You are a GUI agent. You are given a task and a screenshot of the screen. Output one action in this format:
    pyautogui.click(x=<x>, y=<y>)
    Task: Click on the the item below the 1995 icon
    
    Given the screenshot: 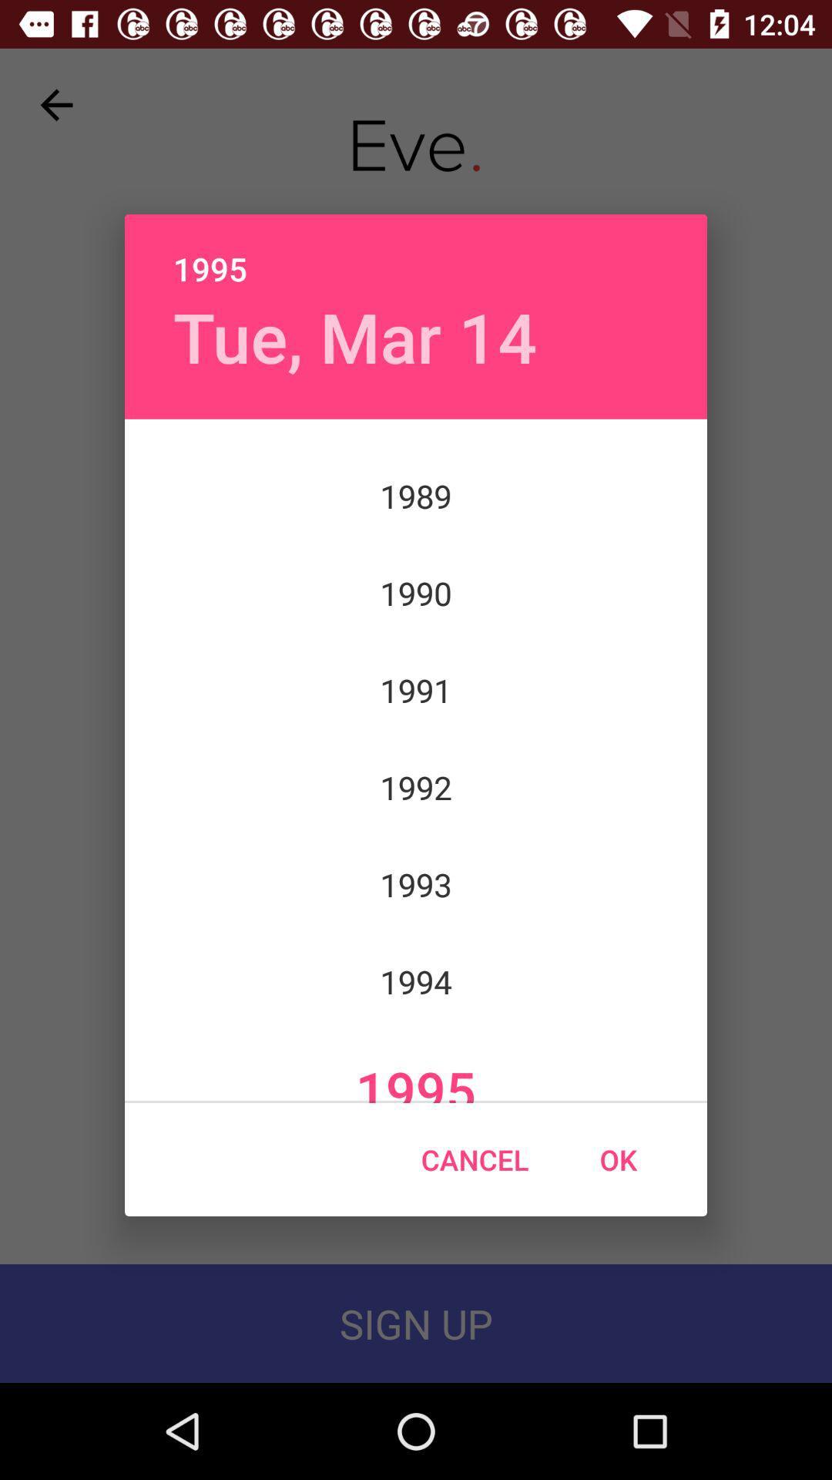 What is the action you would take?
    pyautogui.click(x=355, y=335)
    